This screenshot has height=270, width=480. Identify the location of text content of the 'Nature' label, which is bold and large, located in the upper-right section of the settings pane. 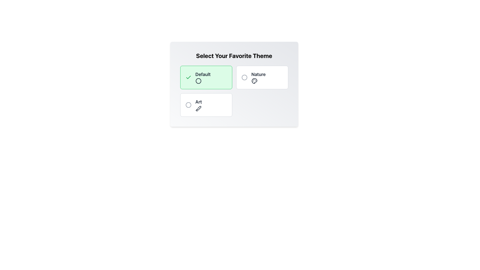
(258, 74).